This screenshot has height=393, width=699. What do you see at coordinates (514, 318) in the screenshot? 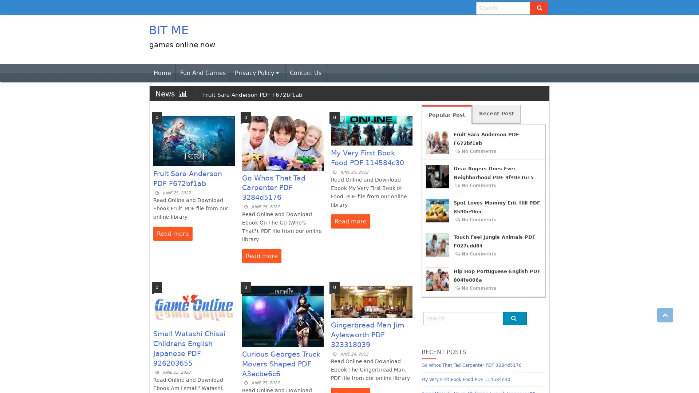
I see `Go` at bounding box center [514, 318].